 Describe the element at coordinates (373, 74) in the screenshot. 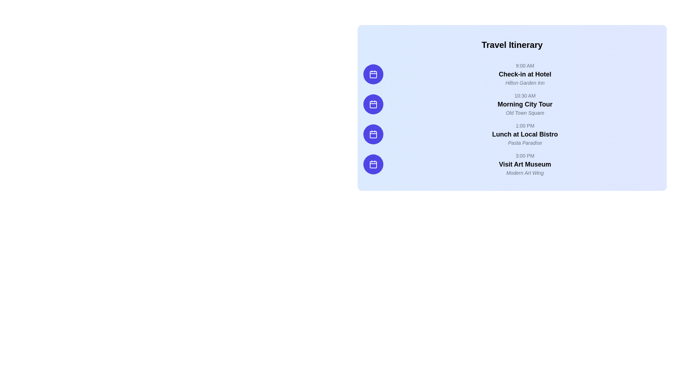

I see `the calendar icon located at the top of the vertical stack of icons on the left side of the itinerary section to associate it with the itinerary item` at that location.